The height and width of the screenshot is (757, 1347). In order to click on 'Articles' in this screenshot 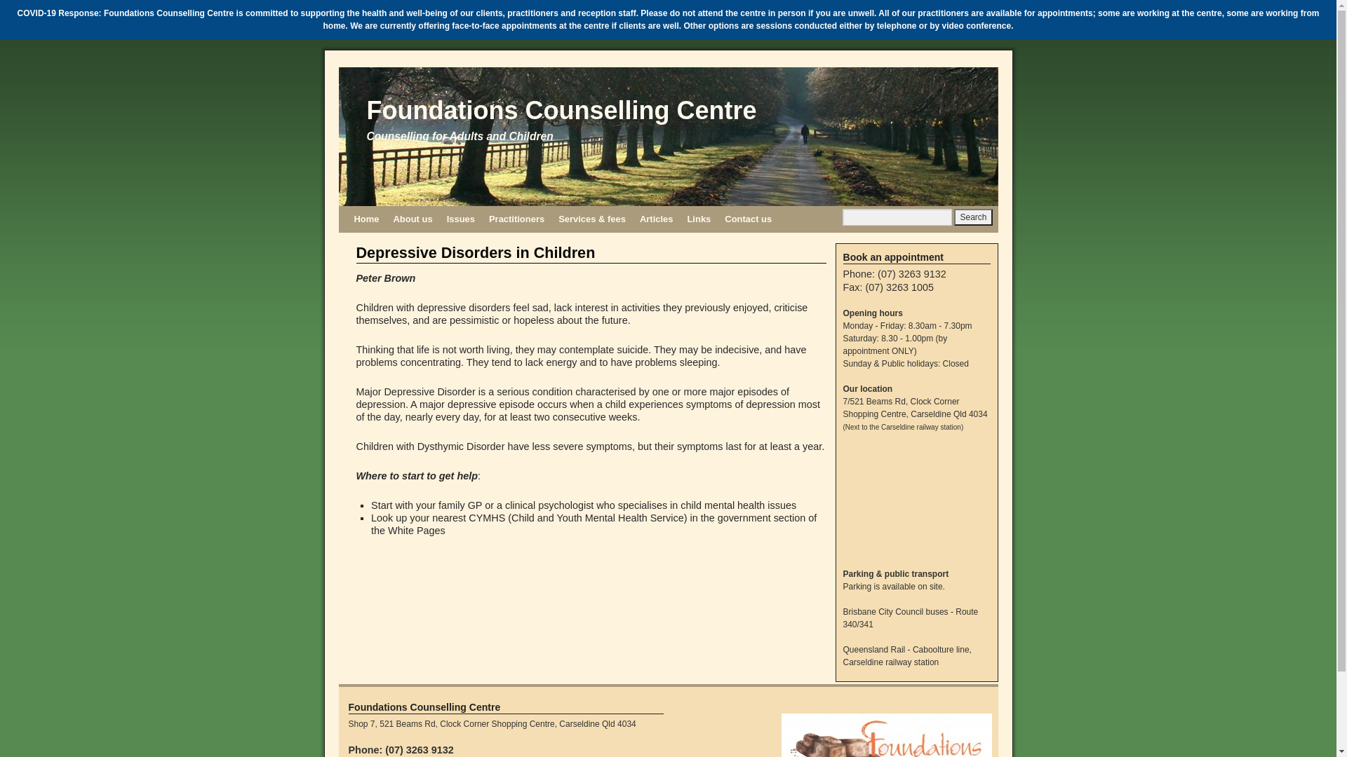, I will do `click(656, 219)`.